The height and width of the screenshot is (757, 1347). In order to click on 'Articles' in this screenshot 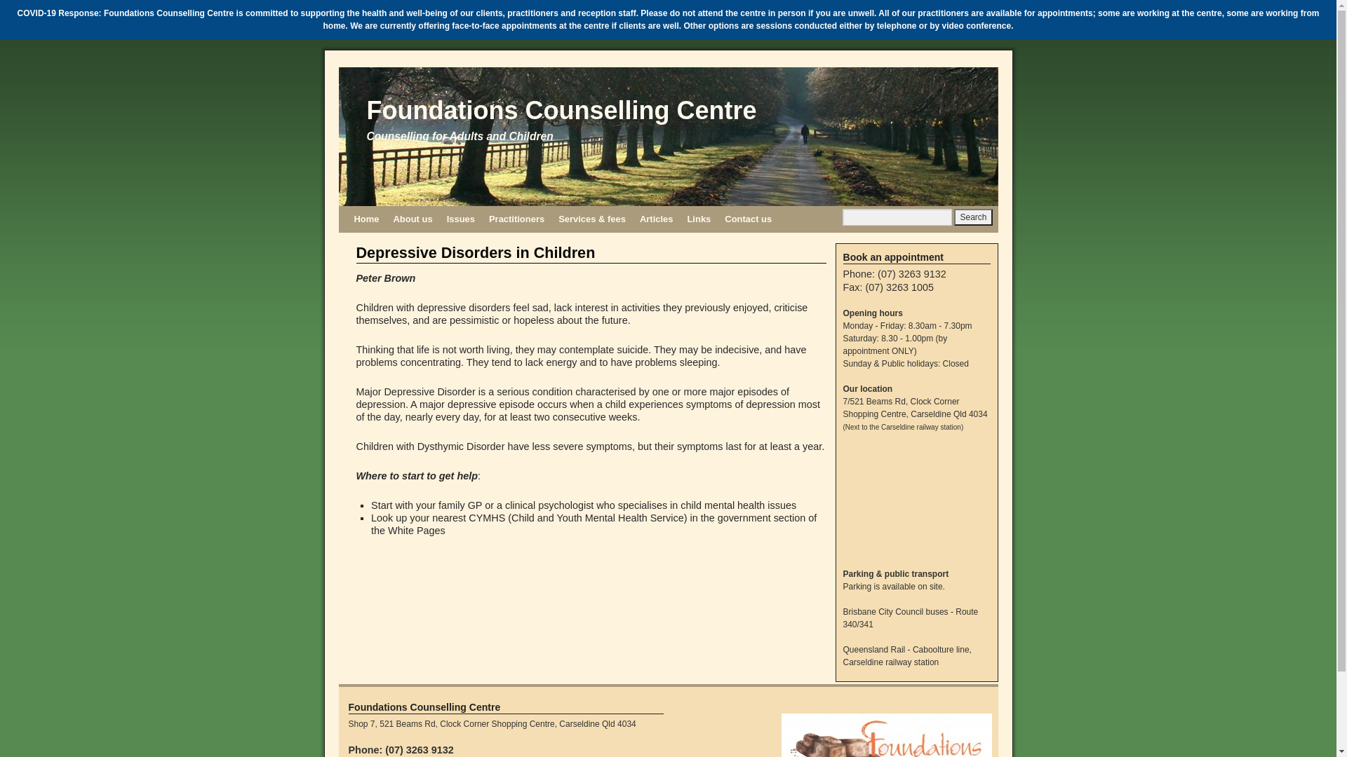, I will do `click(656, 219)`.